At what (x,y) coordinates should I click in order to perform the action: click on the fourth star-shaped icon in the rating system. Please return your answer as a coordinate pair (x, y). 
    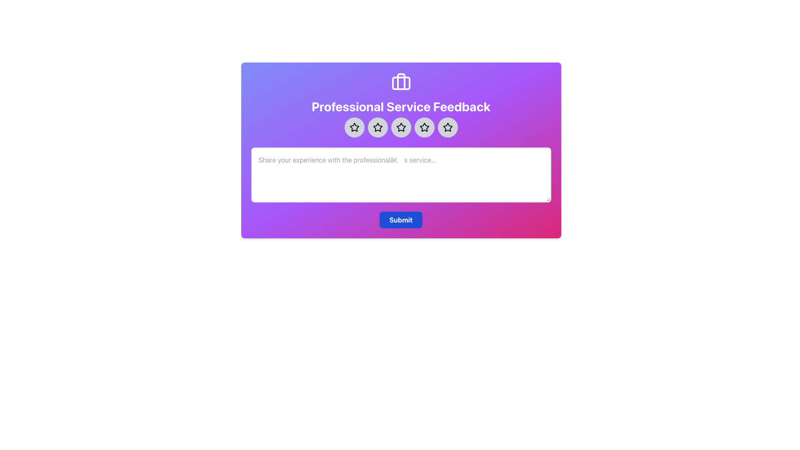
    Looking at the image, I should click on (424, 127).